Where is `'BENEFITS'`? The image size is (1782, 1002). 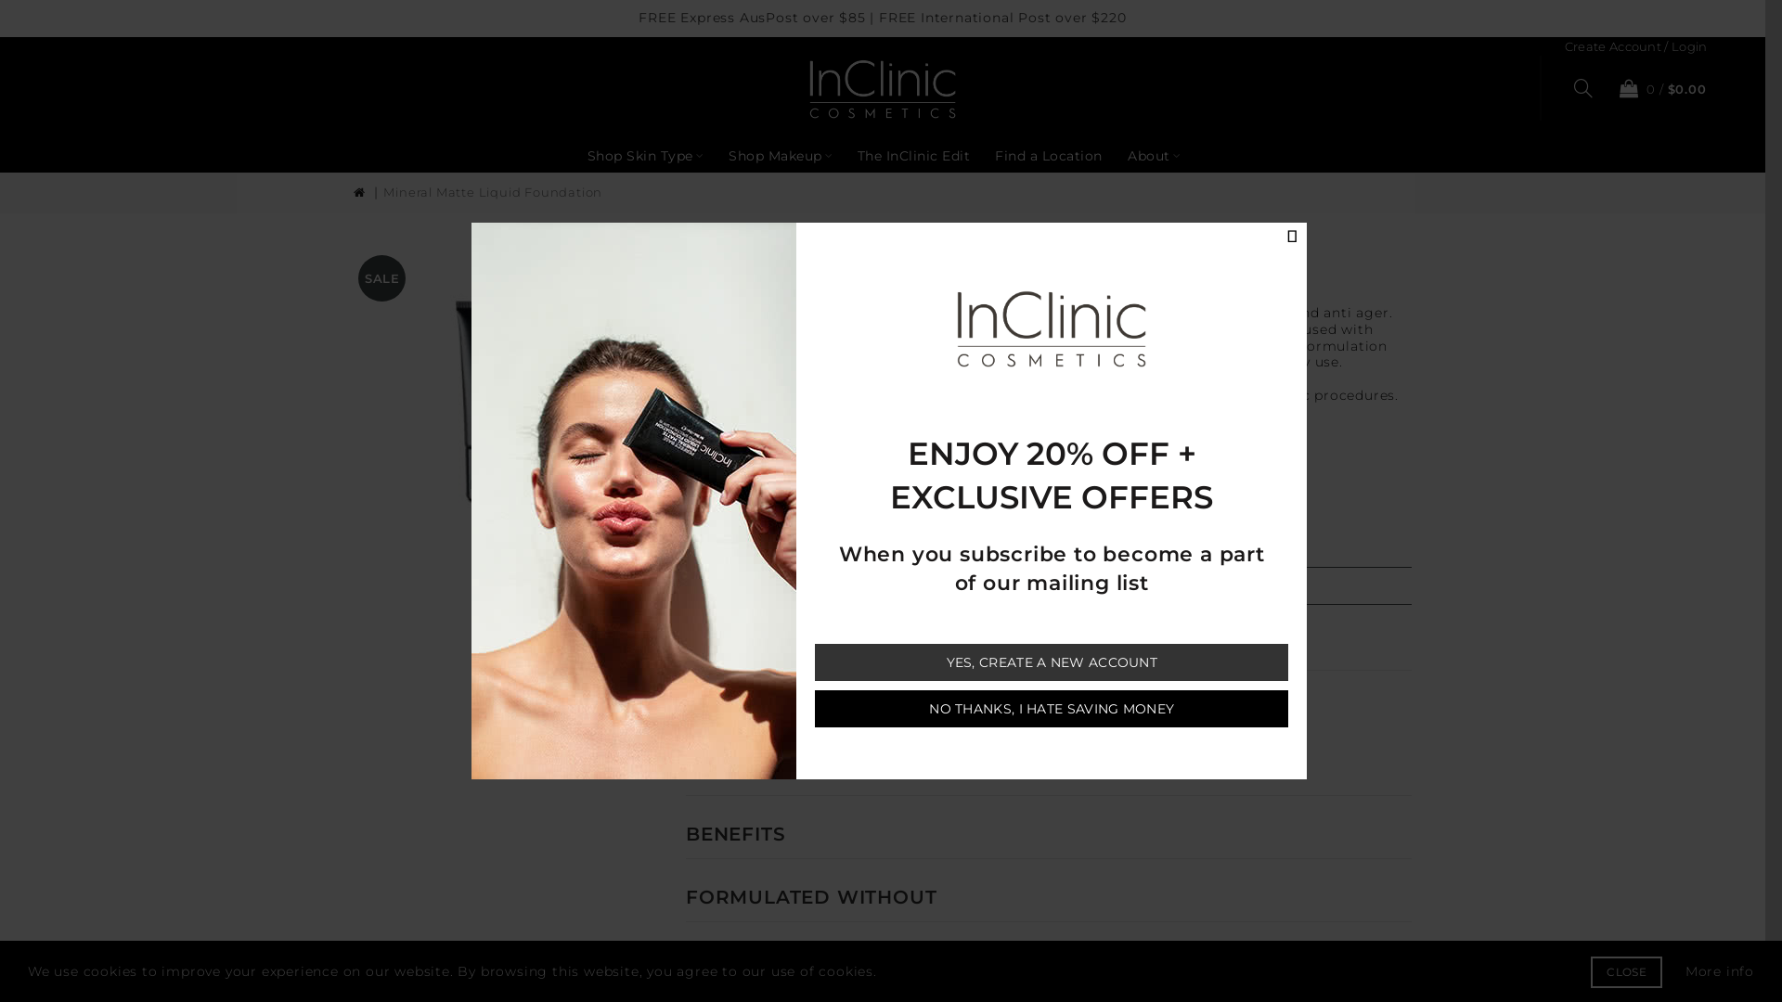
'BENEFITS' is located at coordinates (734, 832).